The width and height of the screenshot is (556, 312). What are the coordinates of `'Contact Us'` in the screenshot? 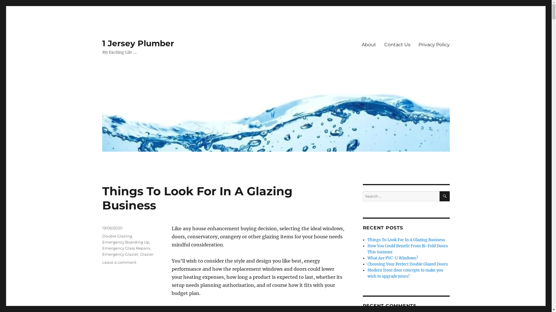 It's located at (397, 44).